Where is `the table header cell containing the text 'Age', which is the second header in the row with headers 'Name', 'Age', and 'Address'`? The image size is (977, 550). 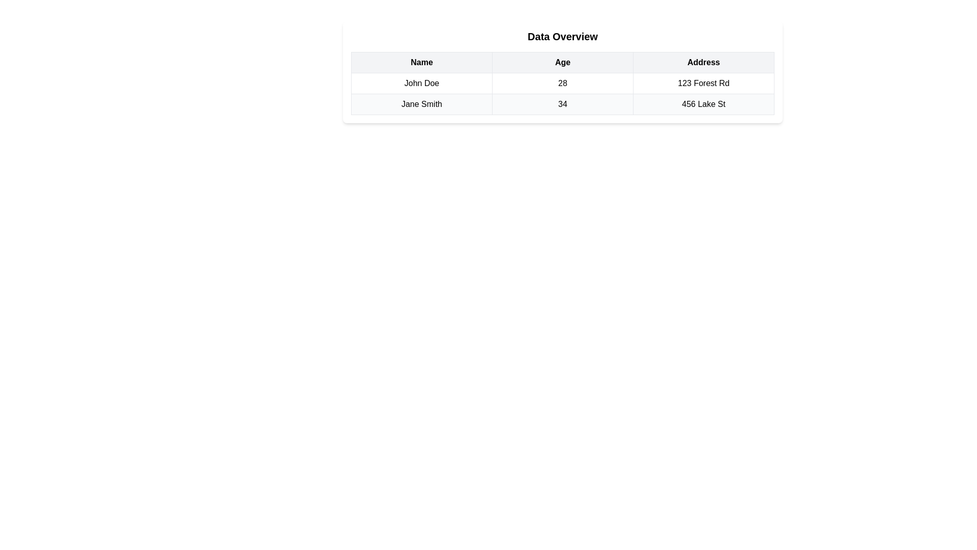
the table header cell containing the text 'Age', which is the second header in the row with headers 'Name', 'Age', and 'Address' is located at coordinates (562, 63).